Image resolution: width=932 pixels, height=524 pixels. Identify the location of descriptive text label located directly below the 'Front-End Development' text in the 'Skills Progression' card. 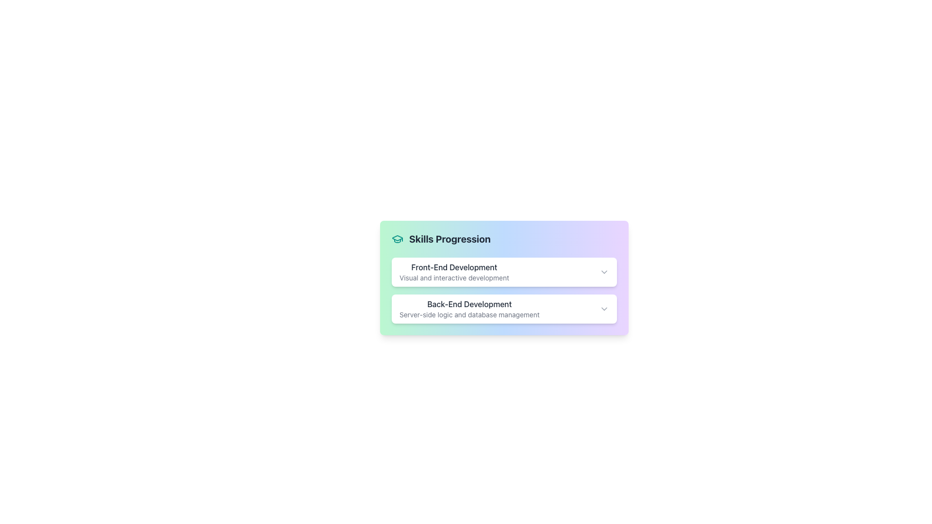
(454, 278).